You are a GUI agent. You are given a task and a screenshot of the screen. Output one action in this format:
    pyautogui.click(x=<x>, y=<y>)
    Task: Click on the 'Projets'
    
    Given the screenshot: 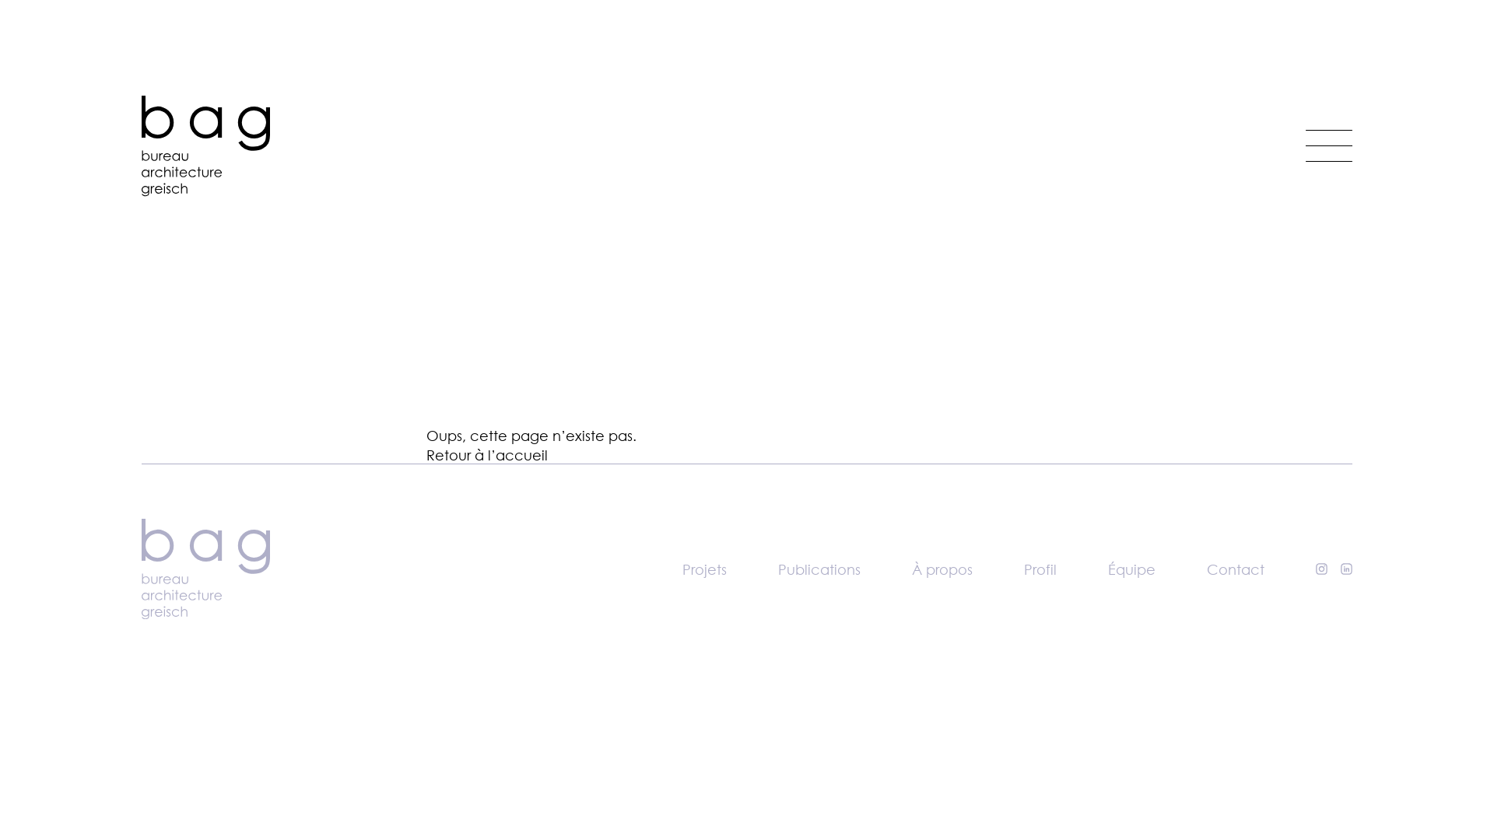 What is the action you would take?
    pyautogui.click(x=703, y=569)
    